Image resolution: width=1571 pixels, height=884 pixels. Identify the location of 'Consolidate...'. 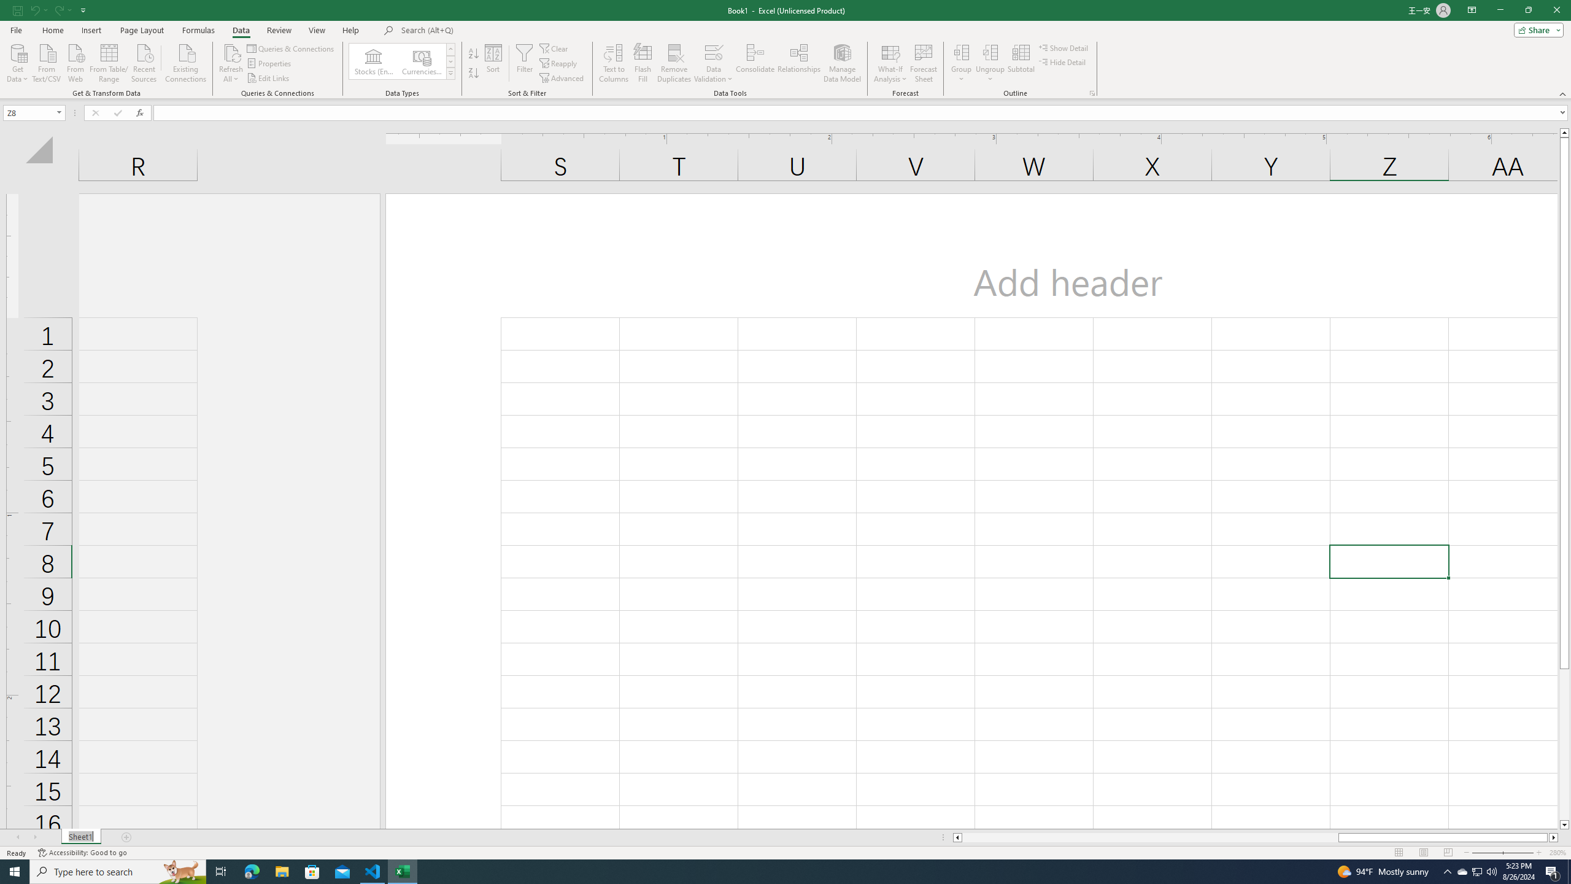
(755, 63).